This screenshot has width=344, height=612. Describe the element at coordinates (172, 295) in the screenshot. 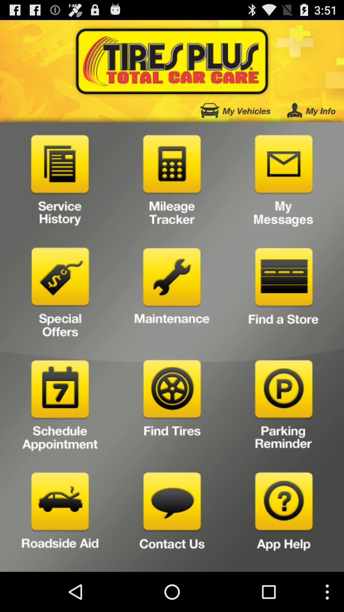

I see `maintenance records from tire plus about your vehicle` at that location.